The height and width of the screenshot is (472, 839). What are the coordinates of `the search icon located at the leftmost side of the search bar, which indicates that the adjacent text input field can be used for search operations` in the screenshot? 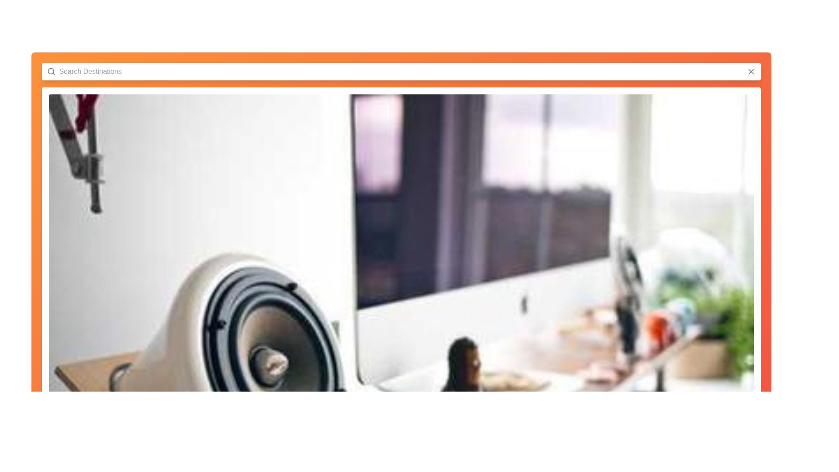 It's located at (51, 71).